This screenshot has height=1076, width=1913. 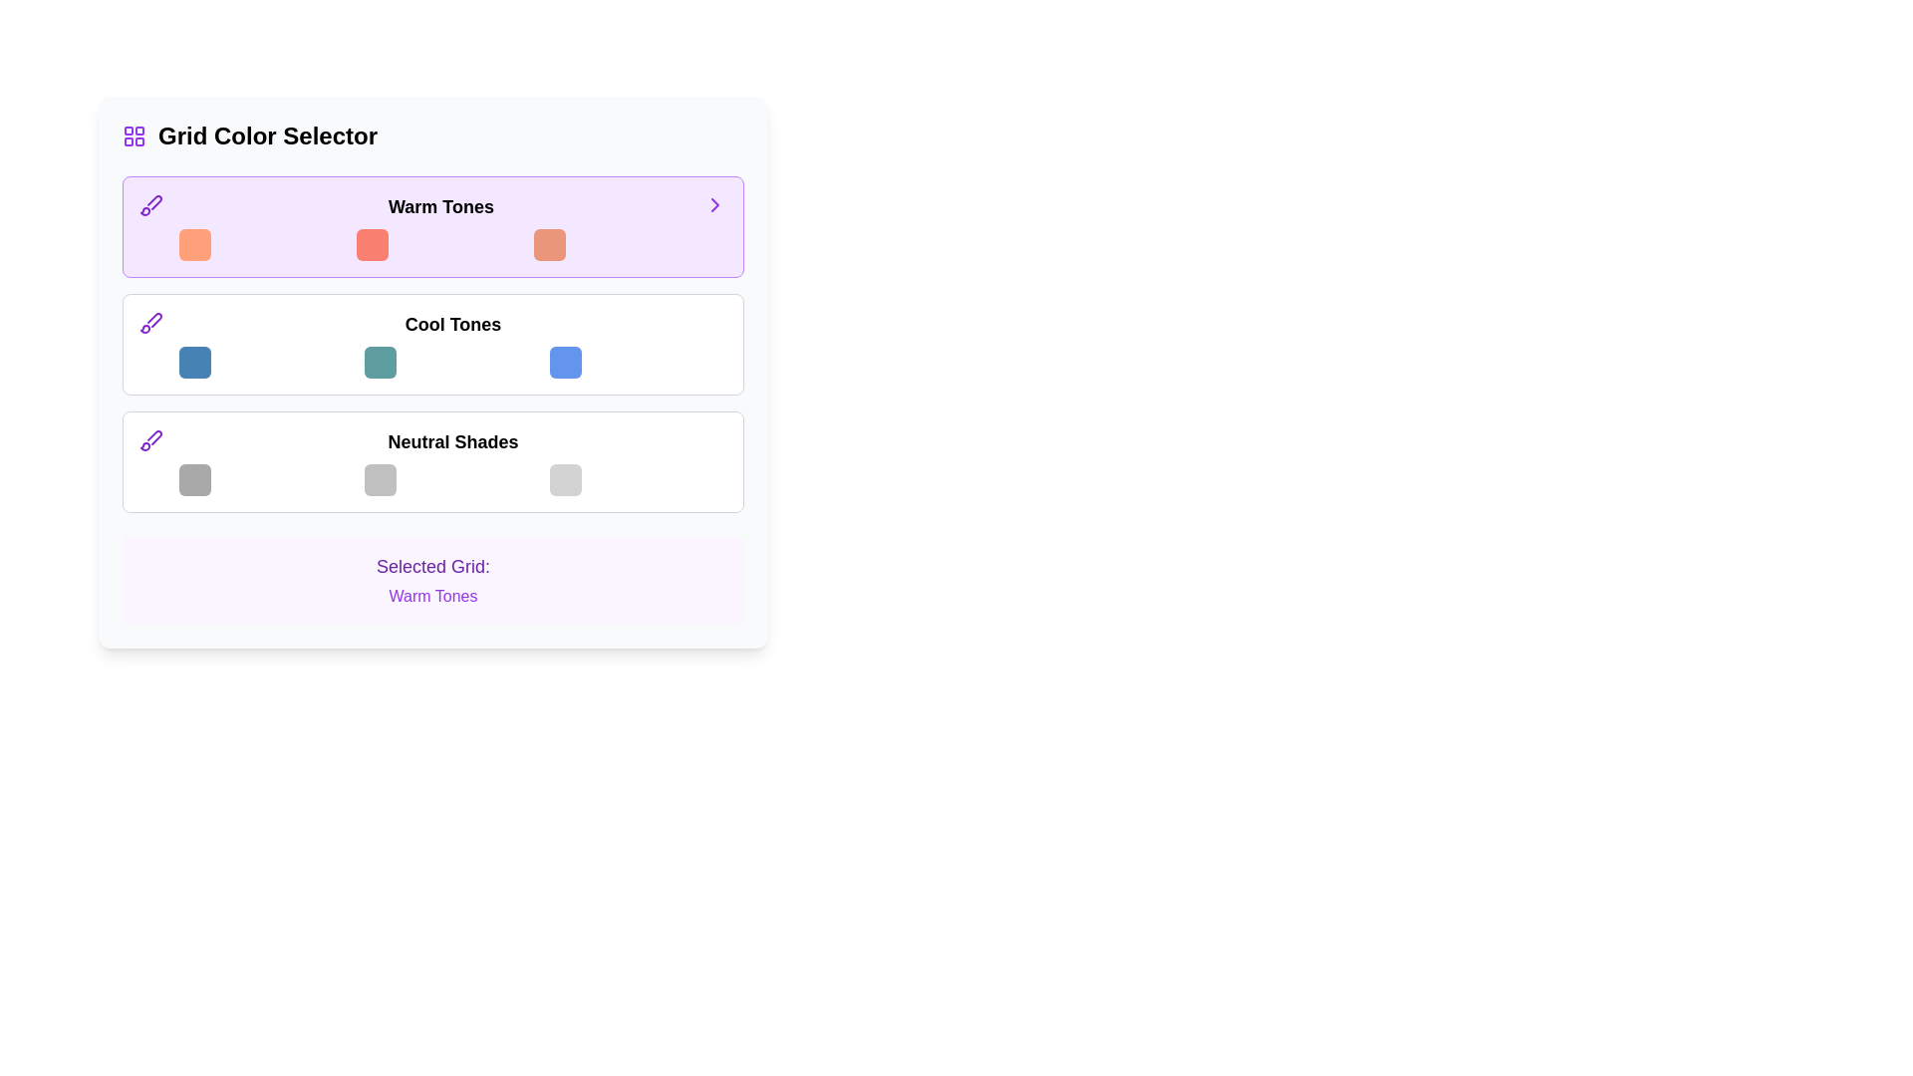 I want to click on the small right-pointing chevron icon located in the top-right corner of the 'Warm Tones' section to trigger a tooltip, so click(x=715, y=204).